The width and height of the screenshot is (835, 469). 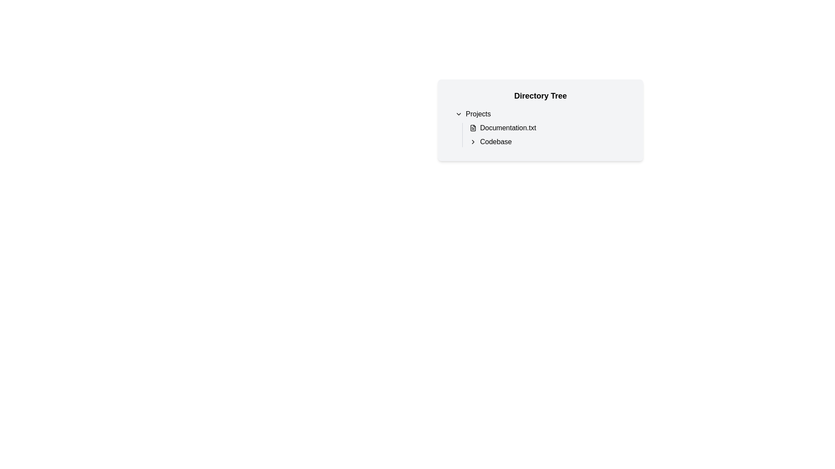 What do you see at coordinates (540, 128) in the screenshot?
I see `the list item labeled 'Documentation.txt' within the 'Projects' section of the directory tree` at bounding box center [540, 128].